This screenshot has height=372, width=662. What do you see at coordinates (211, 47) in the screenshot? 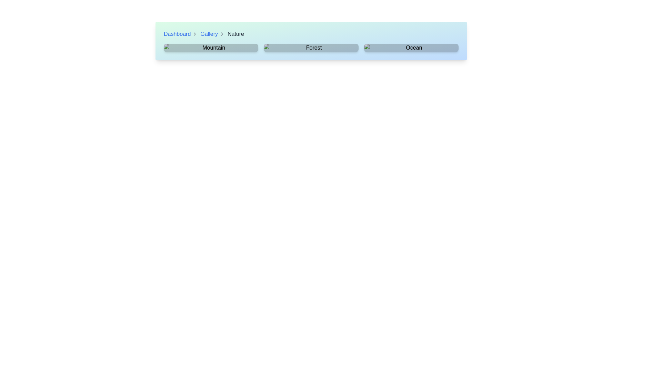
I see `the 'Mountain' button, which is a rectangular button with a light blue background and rounded corners, containing the text 'Mountain' and an image on its left side` at bounding box center [211, 47].